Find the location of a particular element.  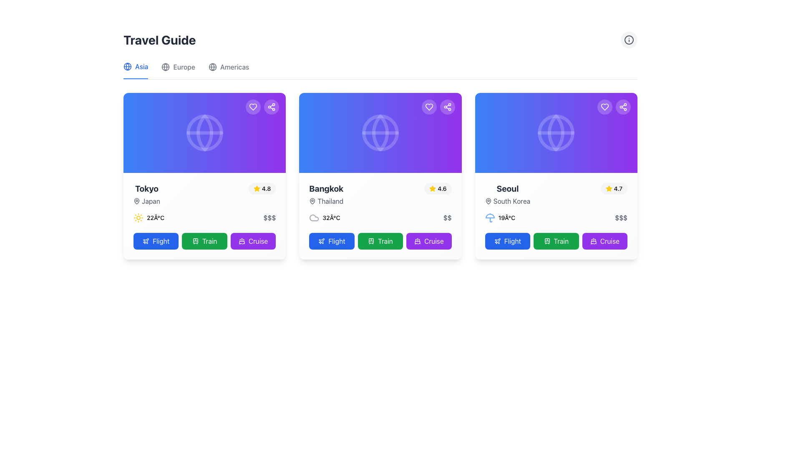

the ship icon with a purple background and white outline, located inside the 'Cruise' button at the bottom-right corner of the first card element is located at coordinates (241, 241).